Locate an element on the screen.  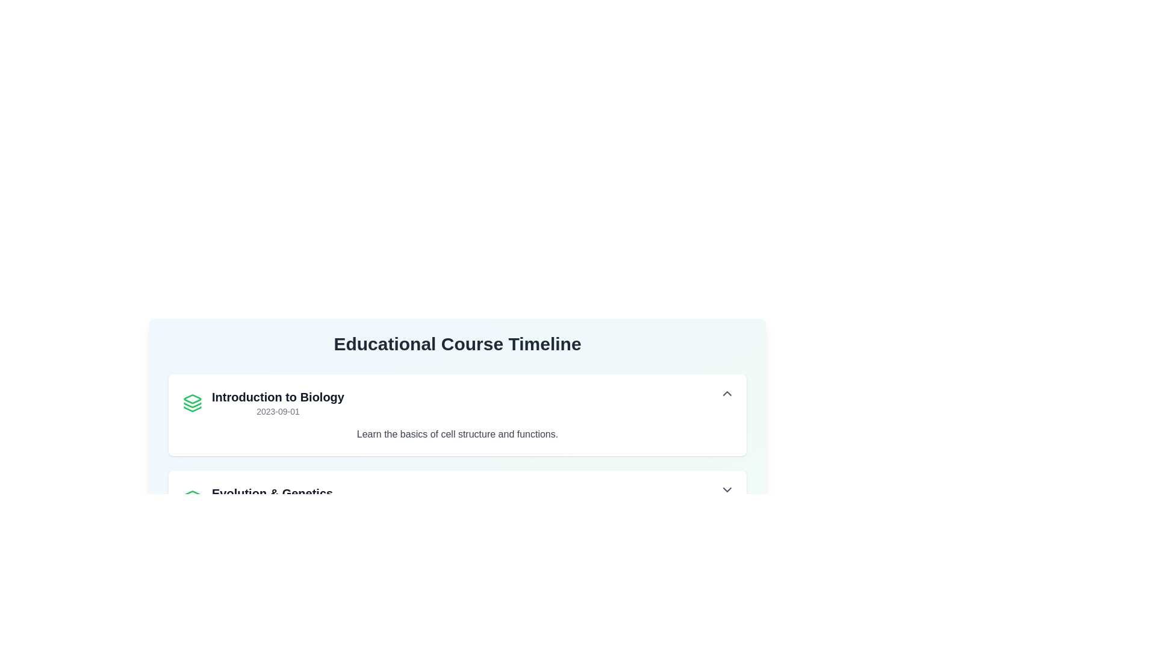
the middle layer segment of the SVG icon, which is a thin, horizontal, trapezoidal shape representing stacked layers is located at coordinates (193, 405).